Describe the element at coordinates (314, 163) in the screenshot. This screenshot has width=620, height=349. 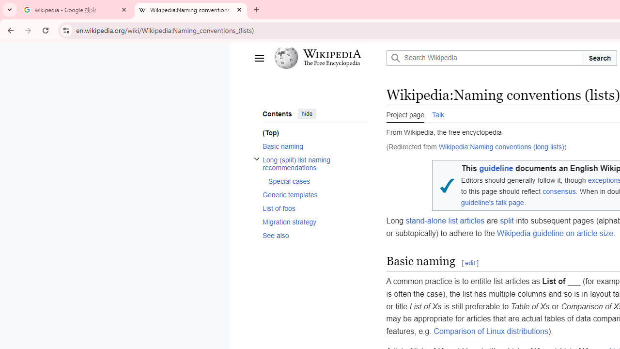
I see `'Long (split) list naming recommendations'` at that location.